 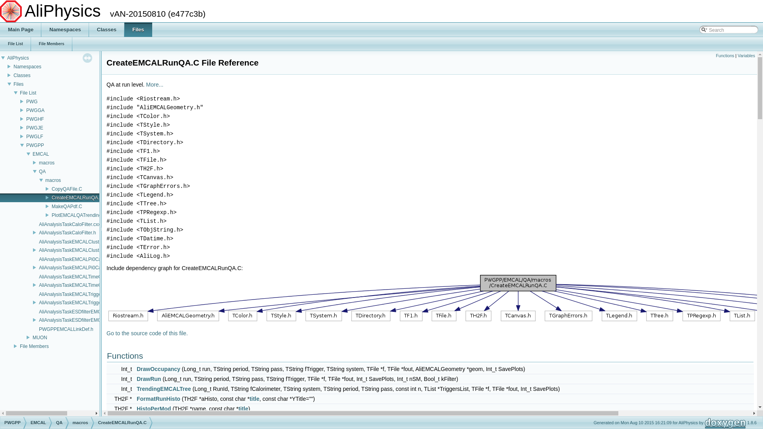 I want to click on 'CreateEMCALRunQA.C', so click(x=77, y=197).